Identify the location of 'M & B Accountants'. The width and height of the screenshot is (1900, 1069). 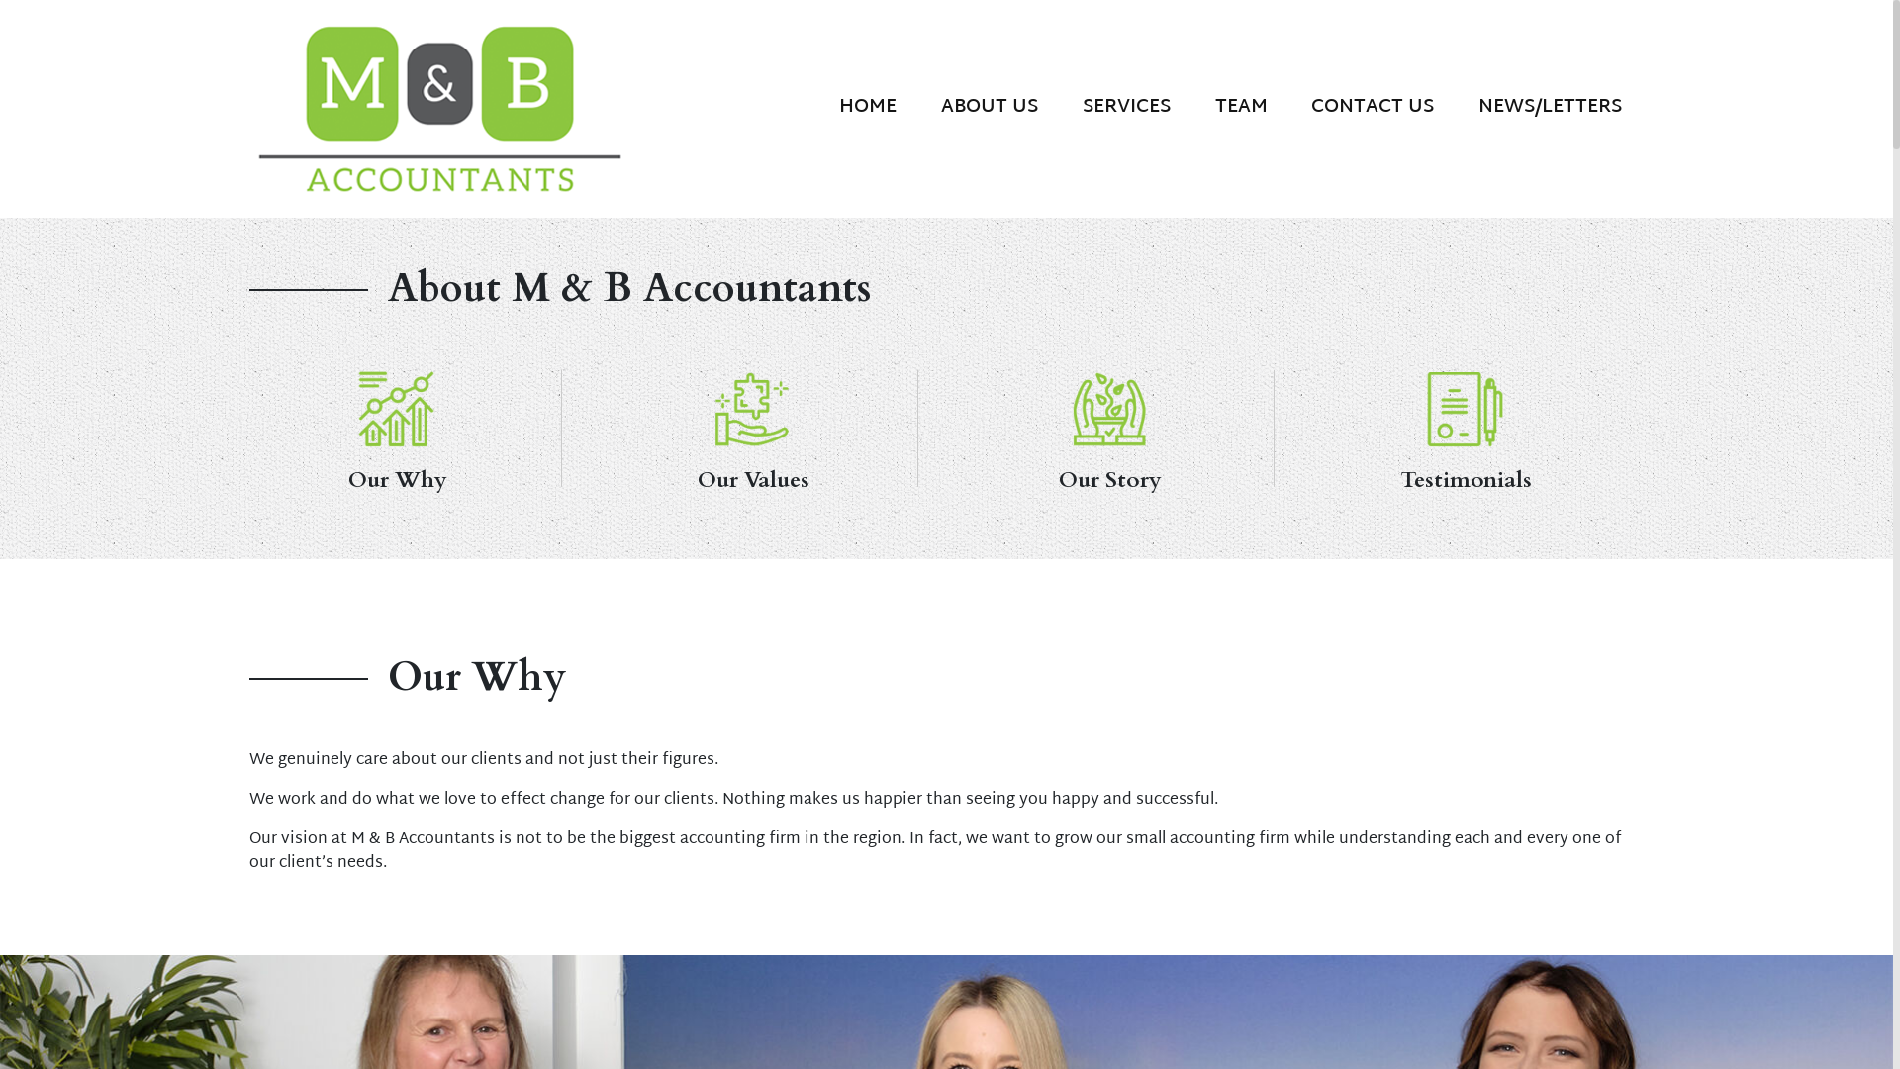
(248, 107).